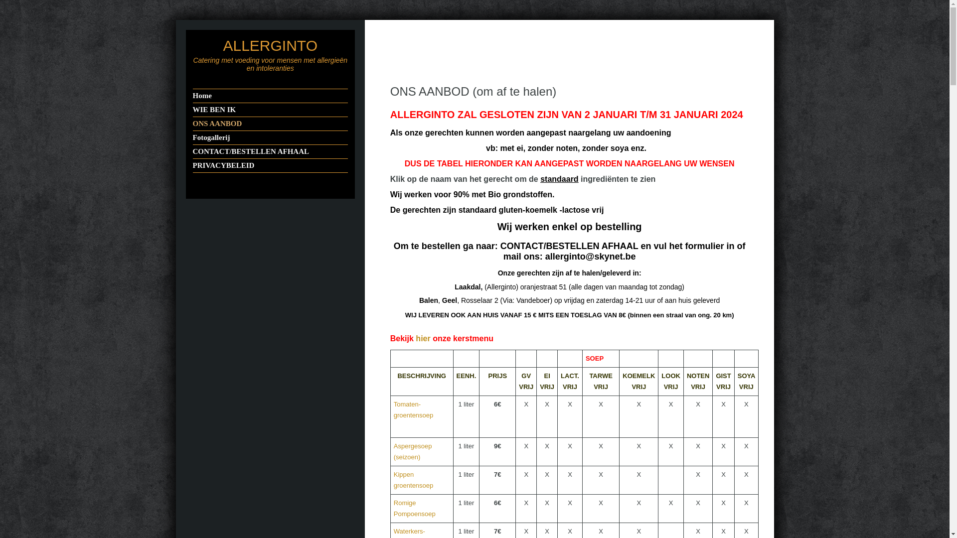 The width and height of the screenshot is (957, 538). I want to click on 'WIE BEN IK', so click(270, 110).